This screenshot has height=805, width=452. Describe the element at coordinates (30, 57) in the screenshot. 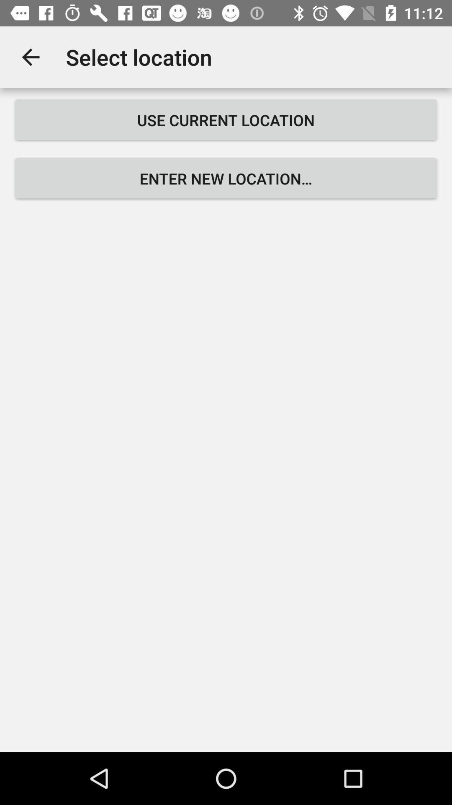

I see `app next to the select location item` at that location.